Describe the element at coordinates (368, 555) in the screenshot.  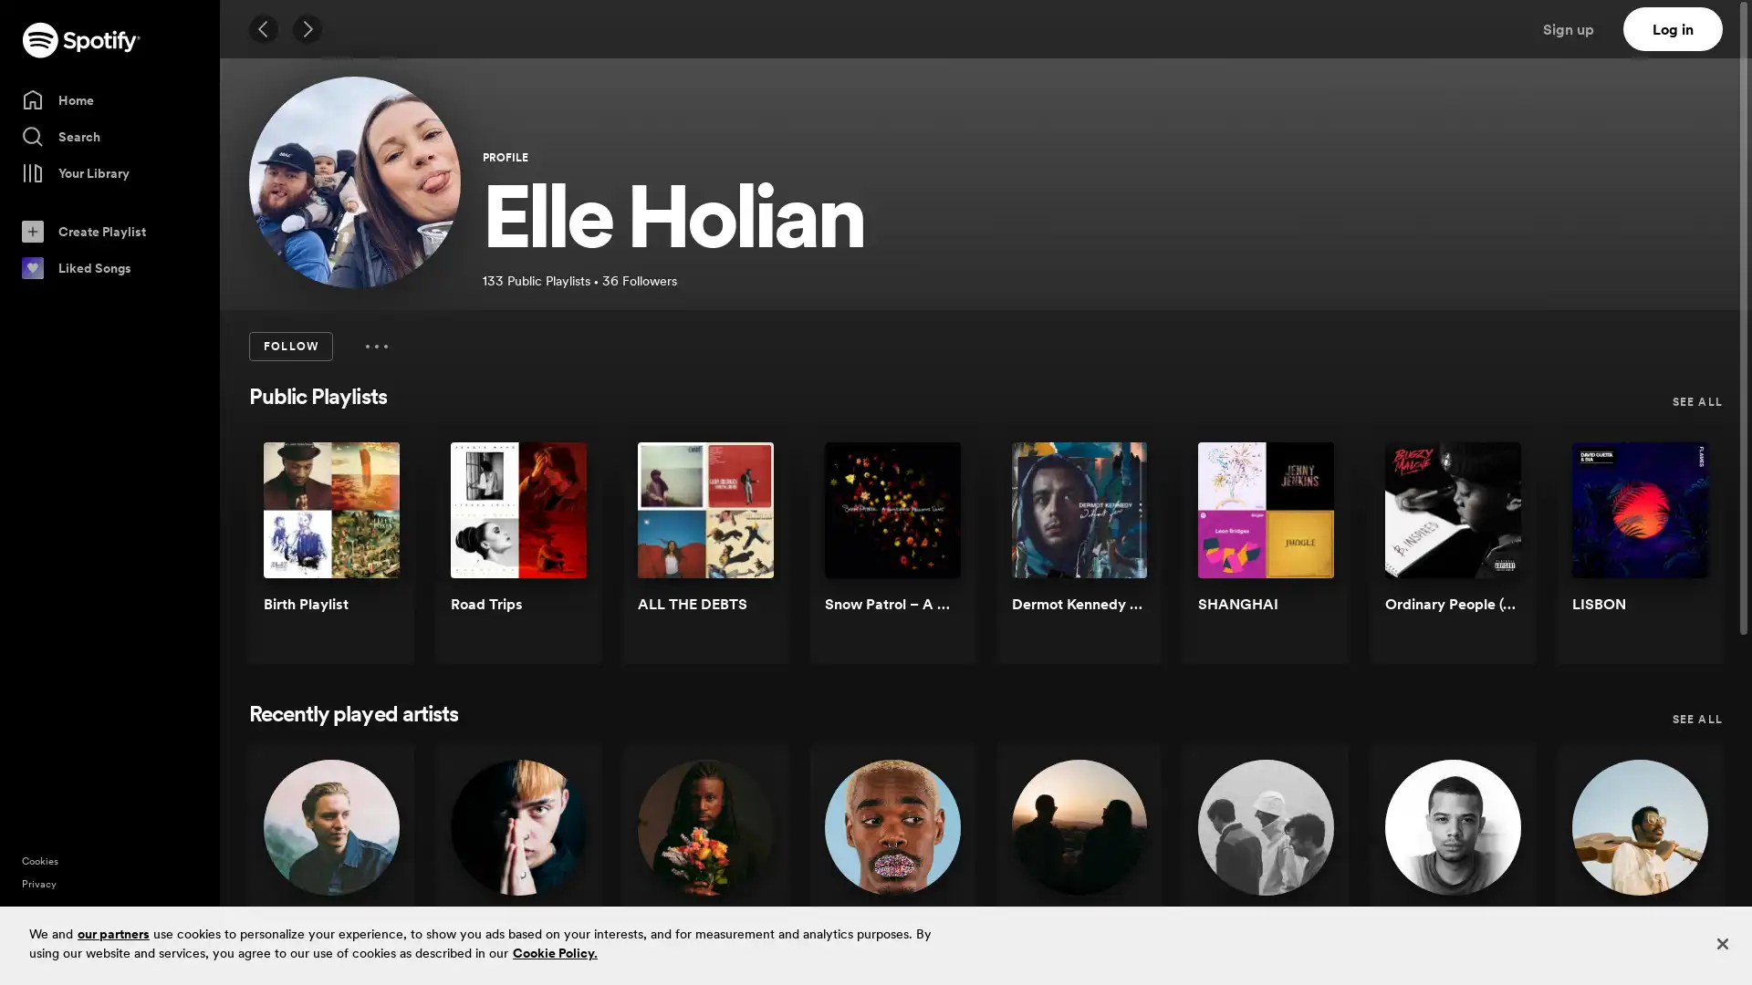
I see `Play Birth Playlist` at that location.